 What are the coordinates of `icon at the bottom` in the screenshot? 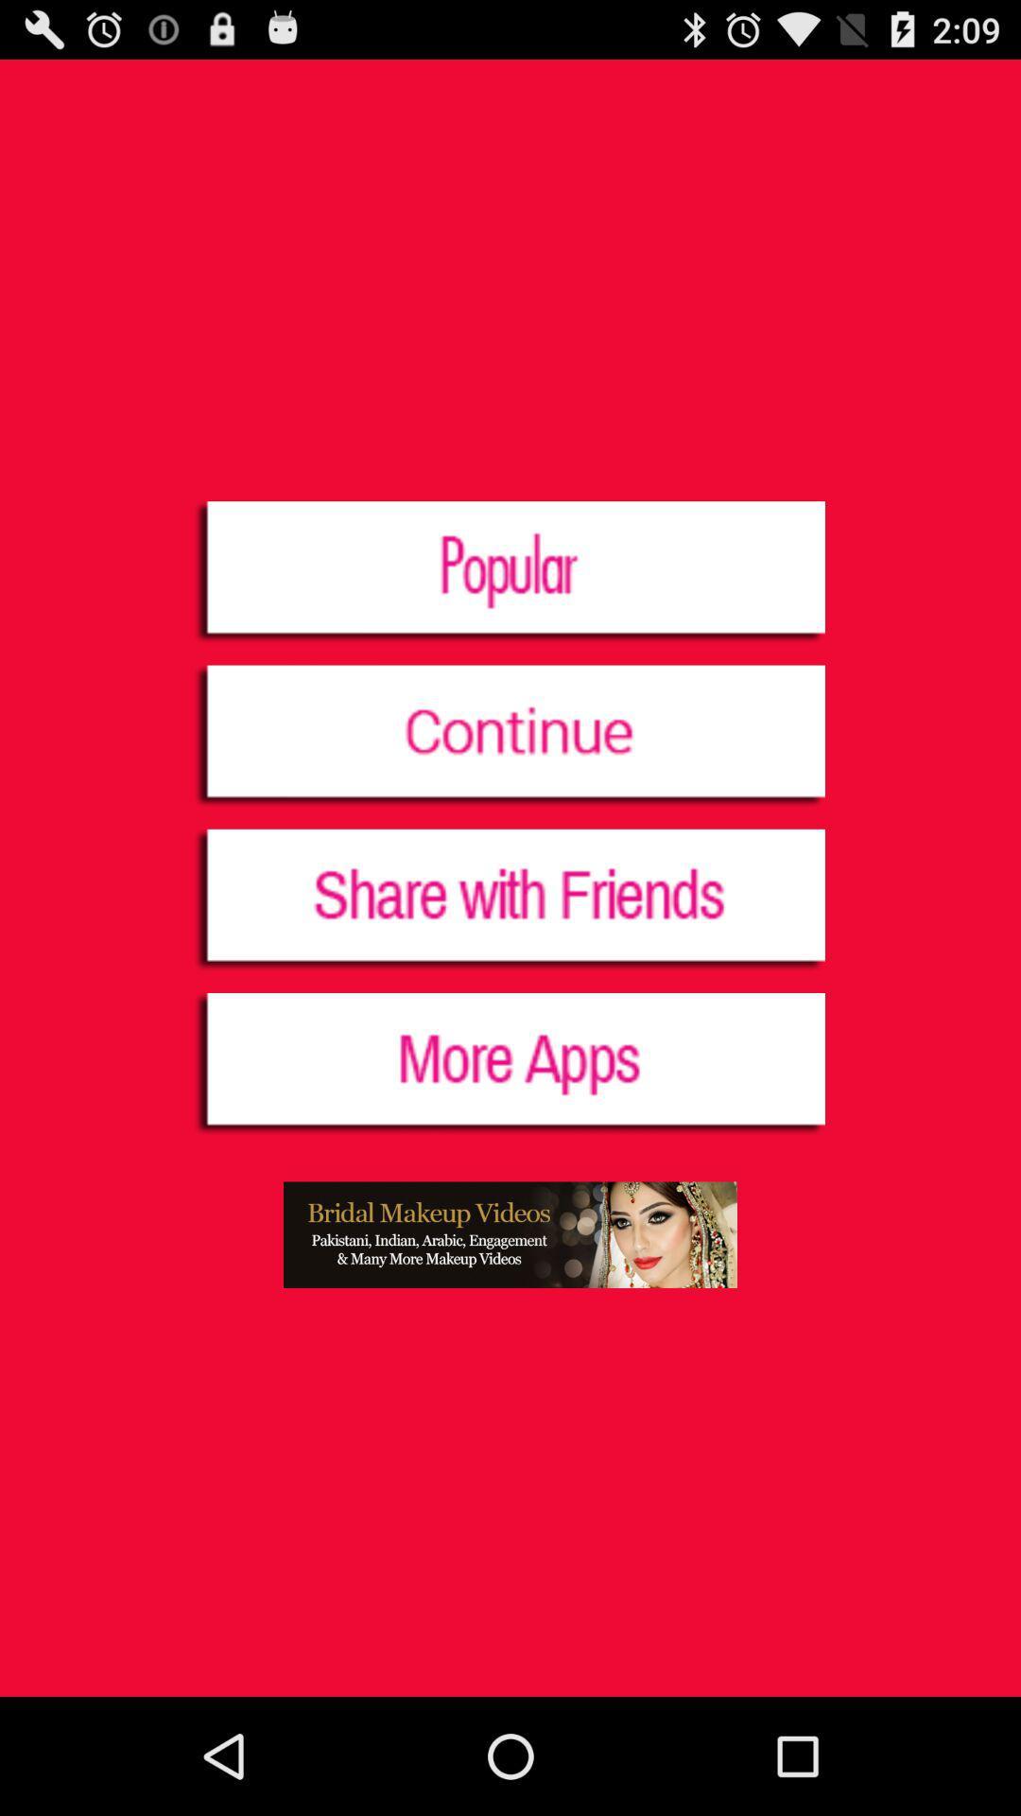 It's located at (510, 1234).